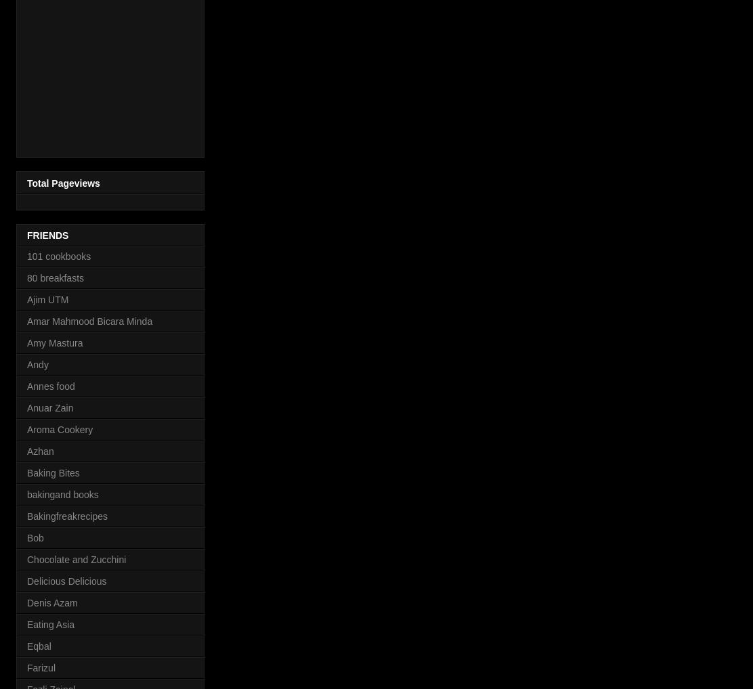 This screenshot has height=689, width=753. What do you see at coordinates (49, 385) in the screenshot?
I see `'Annes food'` at bounding box center [49, 385].